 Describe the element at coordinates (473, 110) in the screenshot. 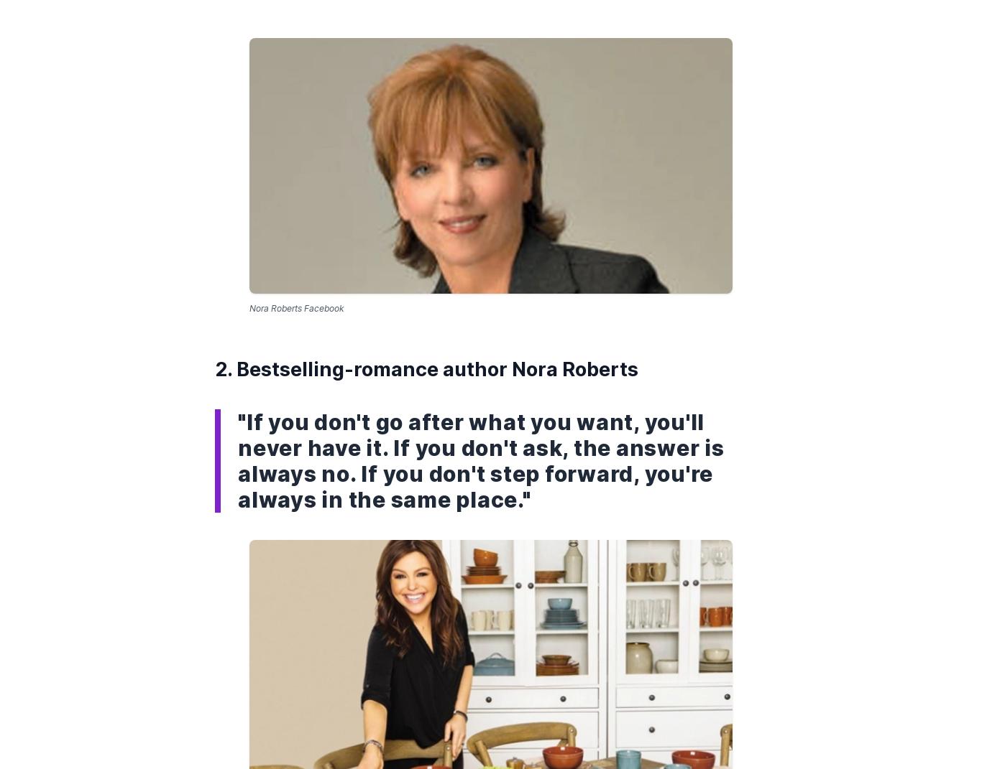

I see `'How to Stand Out to Both Investors and Customers When Launching a Startup'` at that location.